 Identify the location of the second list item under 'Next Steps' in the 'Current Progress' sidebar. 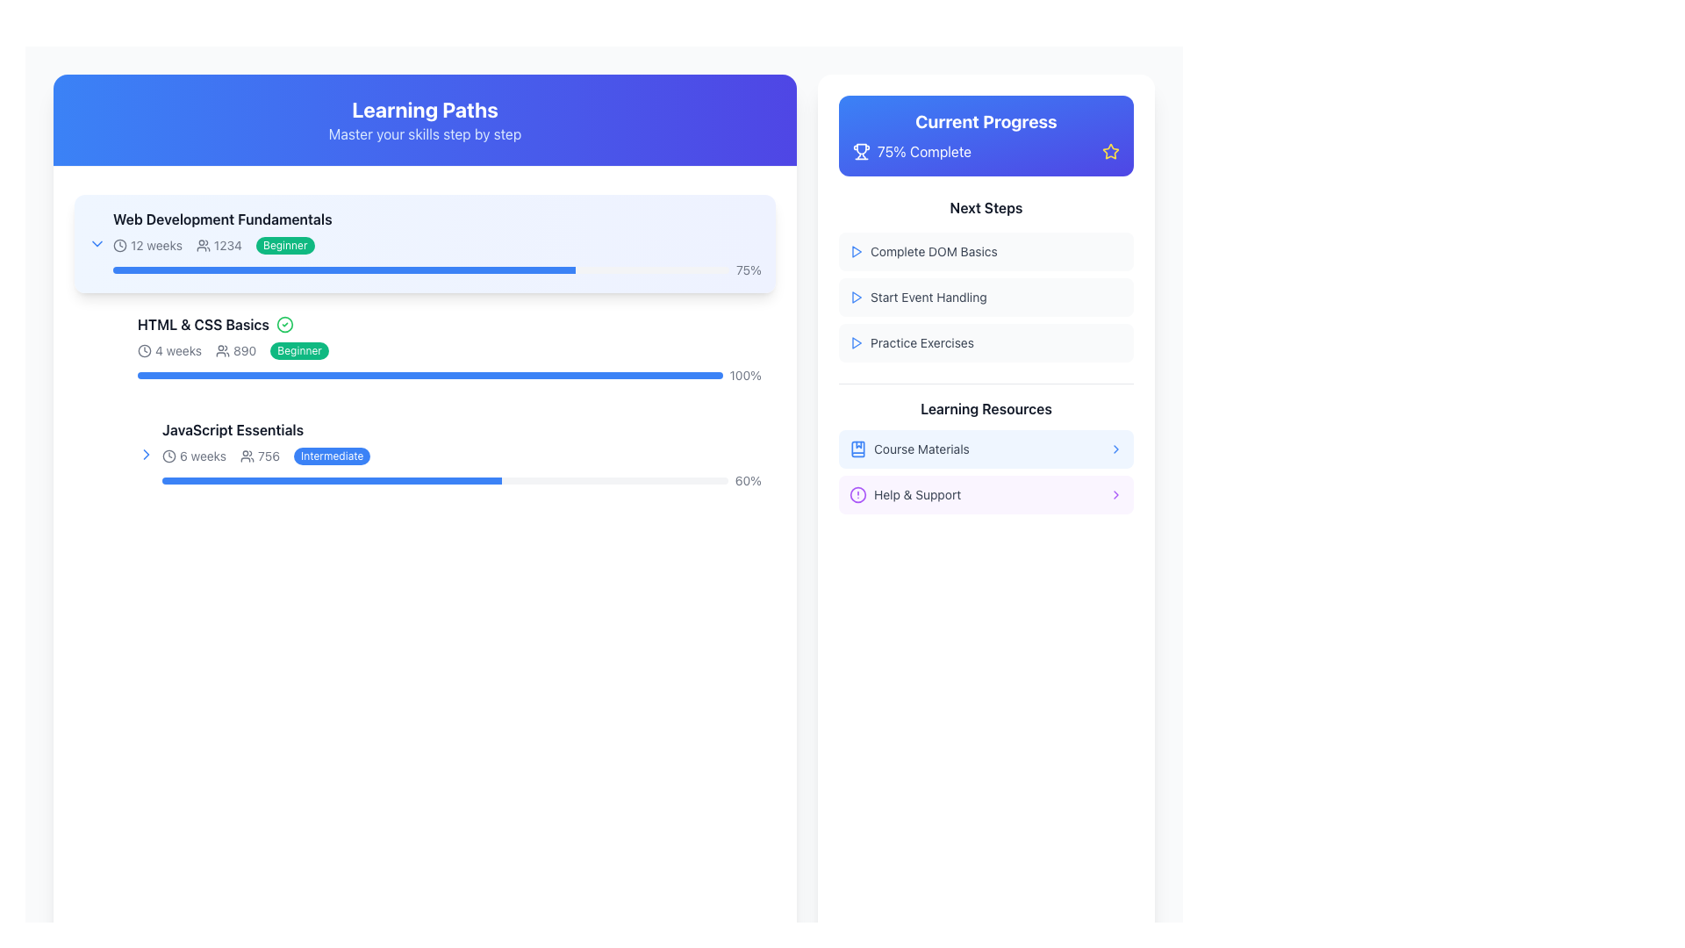
(986, 297).